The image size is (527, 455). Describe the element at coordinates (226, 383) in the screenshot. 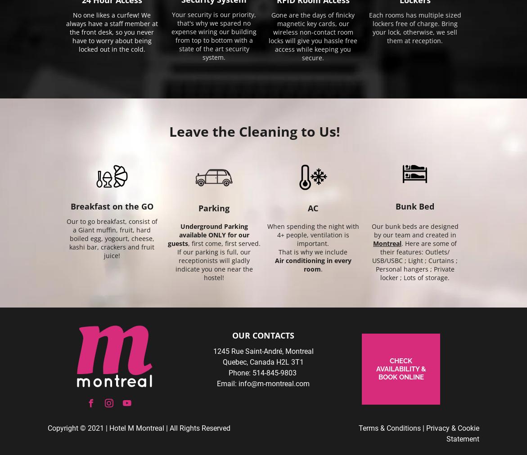

I see `'Email:'` at that location.